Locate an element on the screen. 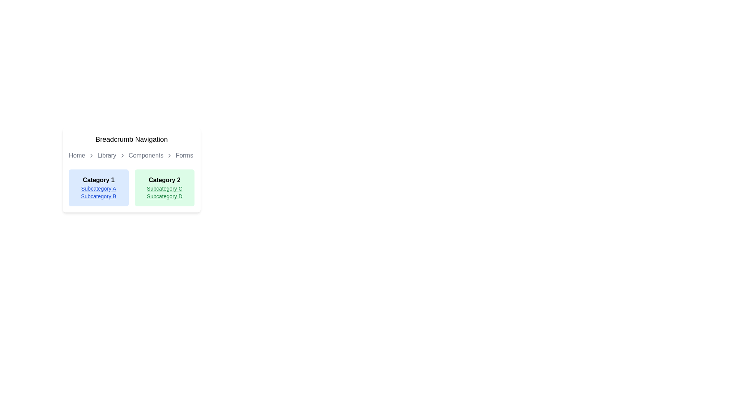 The width and height of the screenshot is (738, 415). the 'Components' text label in the breadcrumb navigation bar is located at coordinates (146, 156).